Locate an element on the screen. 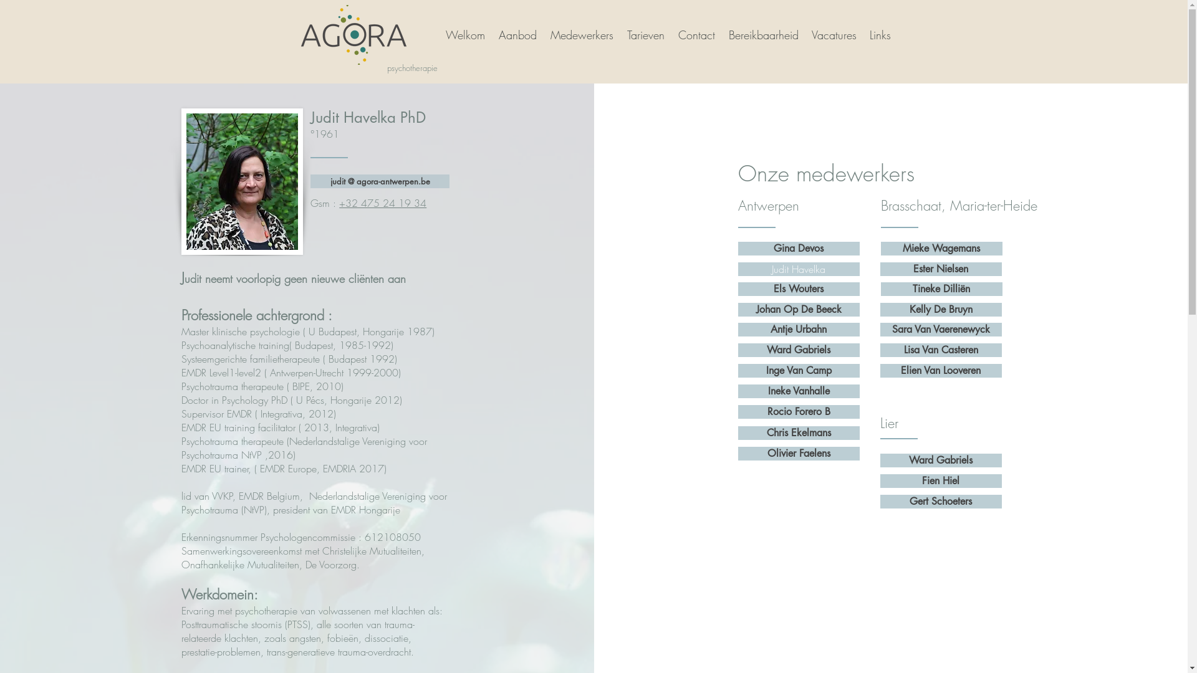  'Tarieven' is located at coordinates (645, 34).